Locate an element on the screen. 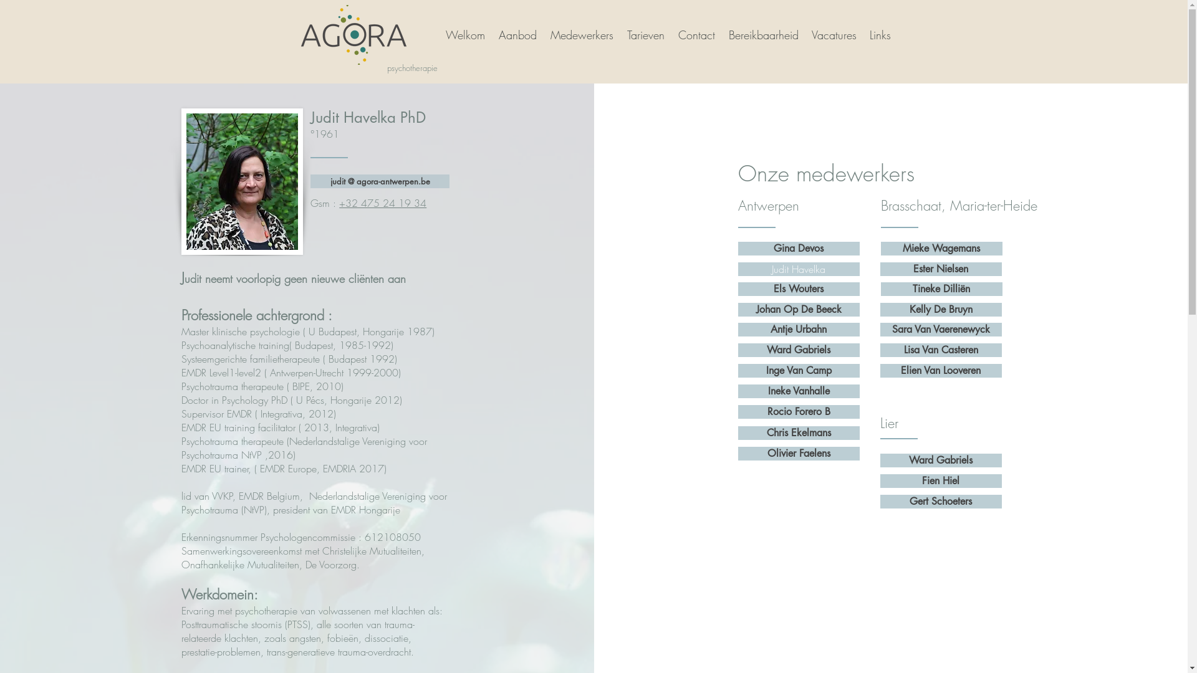  'Tarieven' is located at coordinates (645, 34).